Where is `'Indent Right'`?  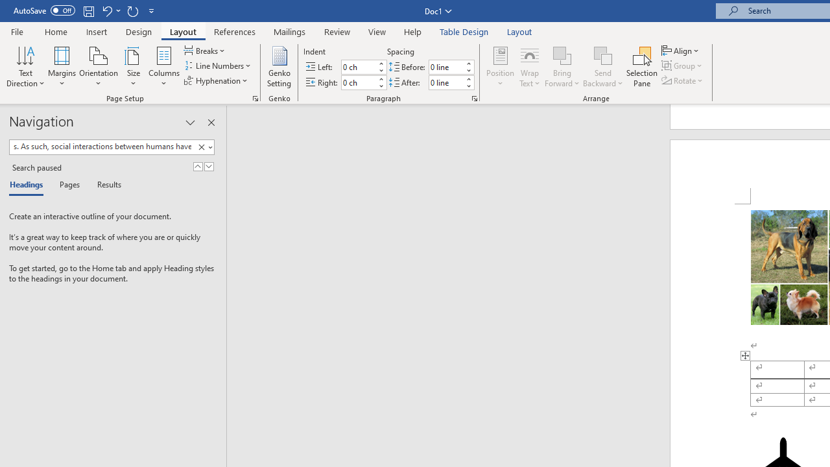
'Indent Right' is located at coordinates (358, 82).